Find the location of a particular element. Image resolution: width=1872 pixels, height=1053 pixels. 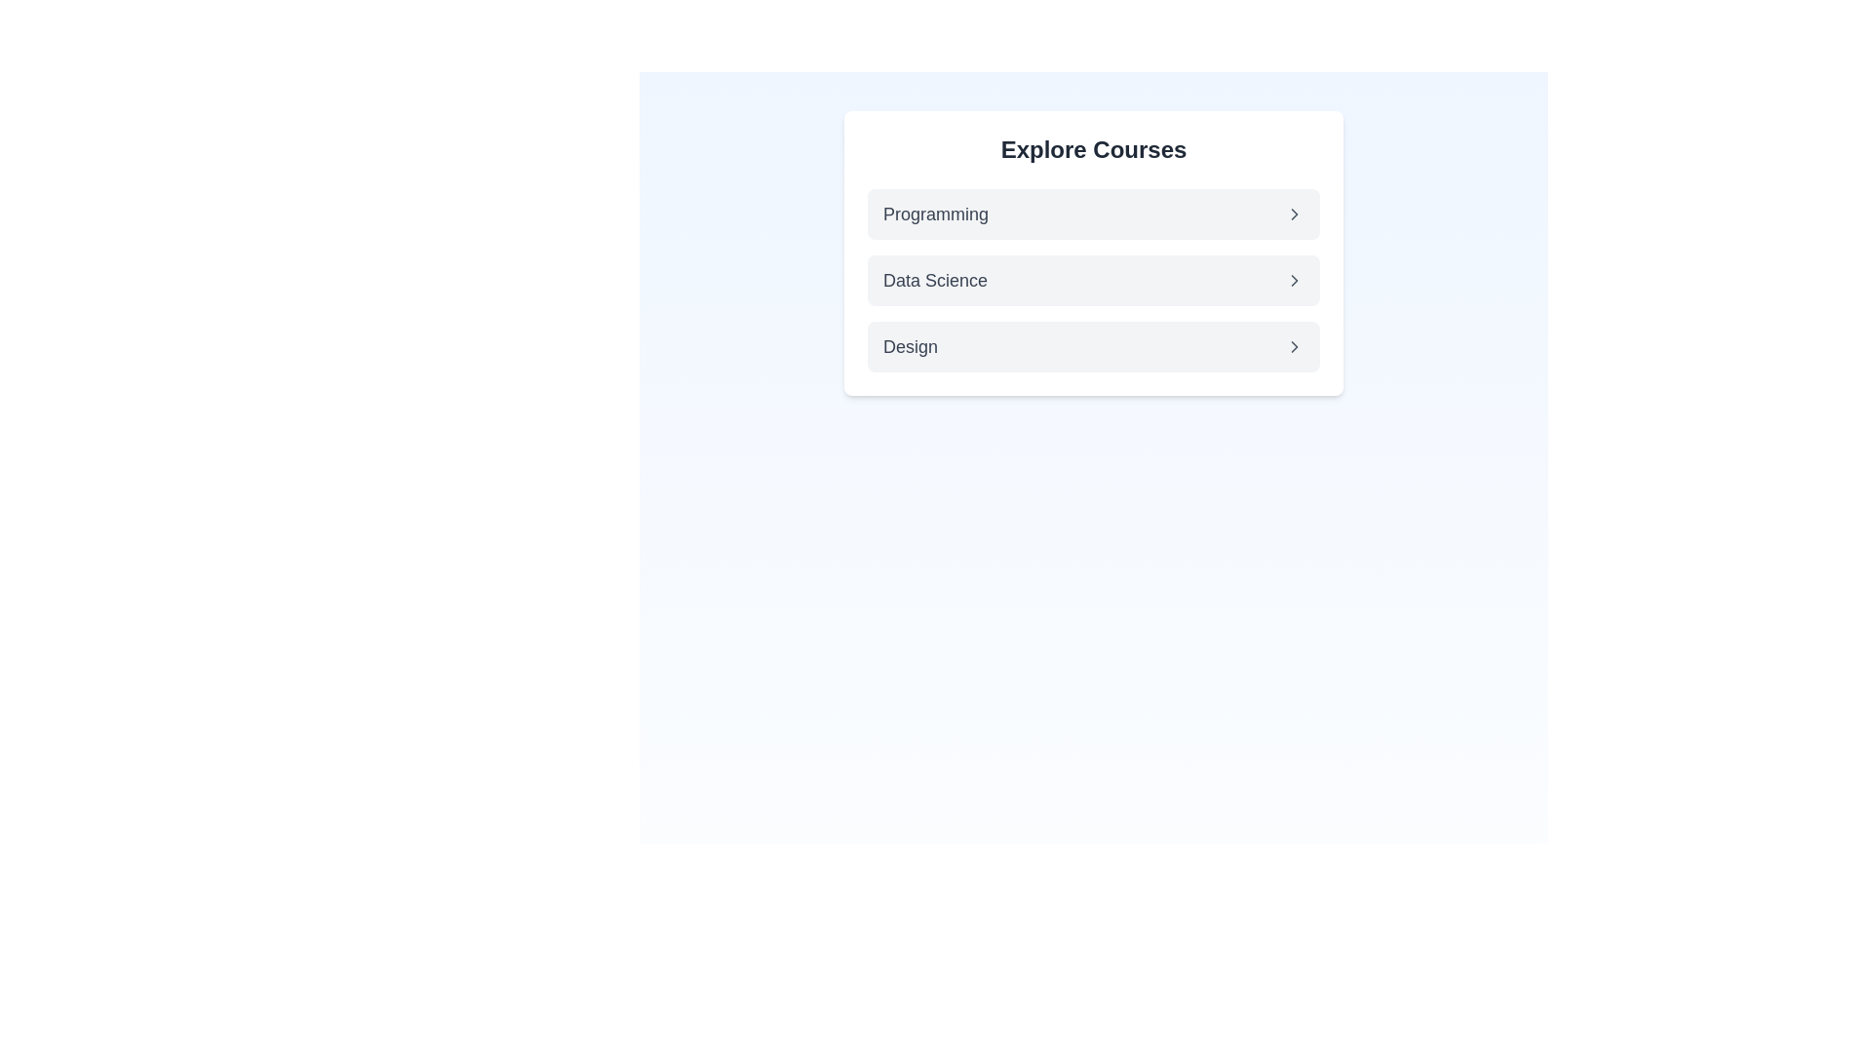

the chevron icon located on the right-hand side of the 'Data Science' row is located at coordinates (1295, 281).